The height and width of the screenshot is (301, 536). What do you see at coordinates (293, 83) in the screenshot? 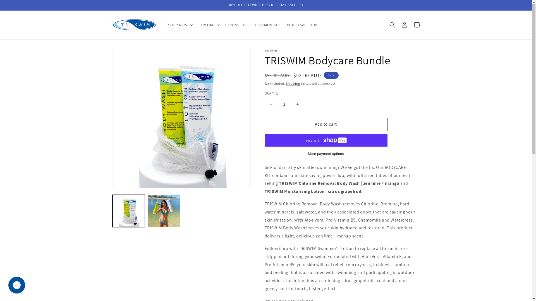
I see `'Shipping'` at bounding box center [293, 83].